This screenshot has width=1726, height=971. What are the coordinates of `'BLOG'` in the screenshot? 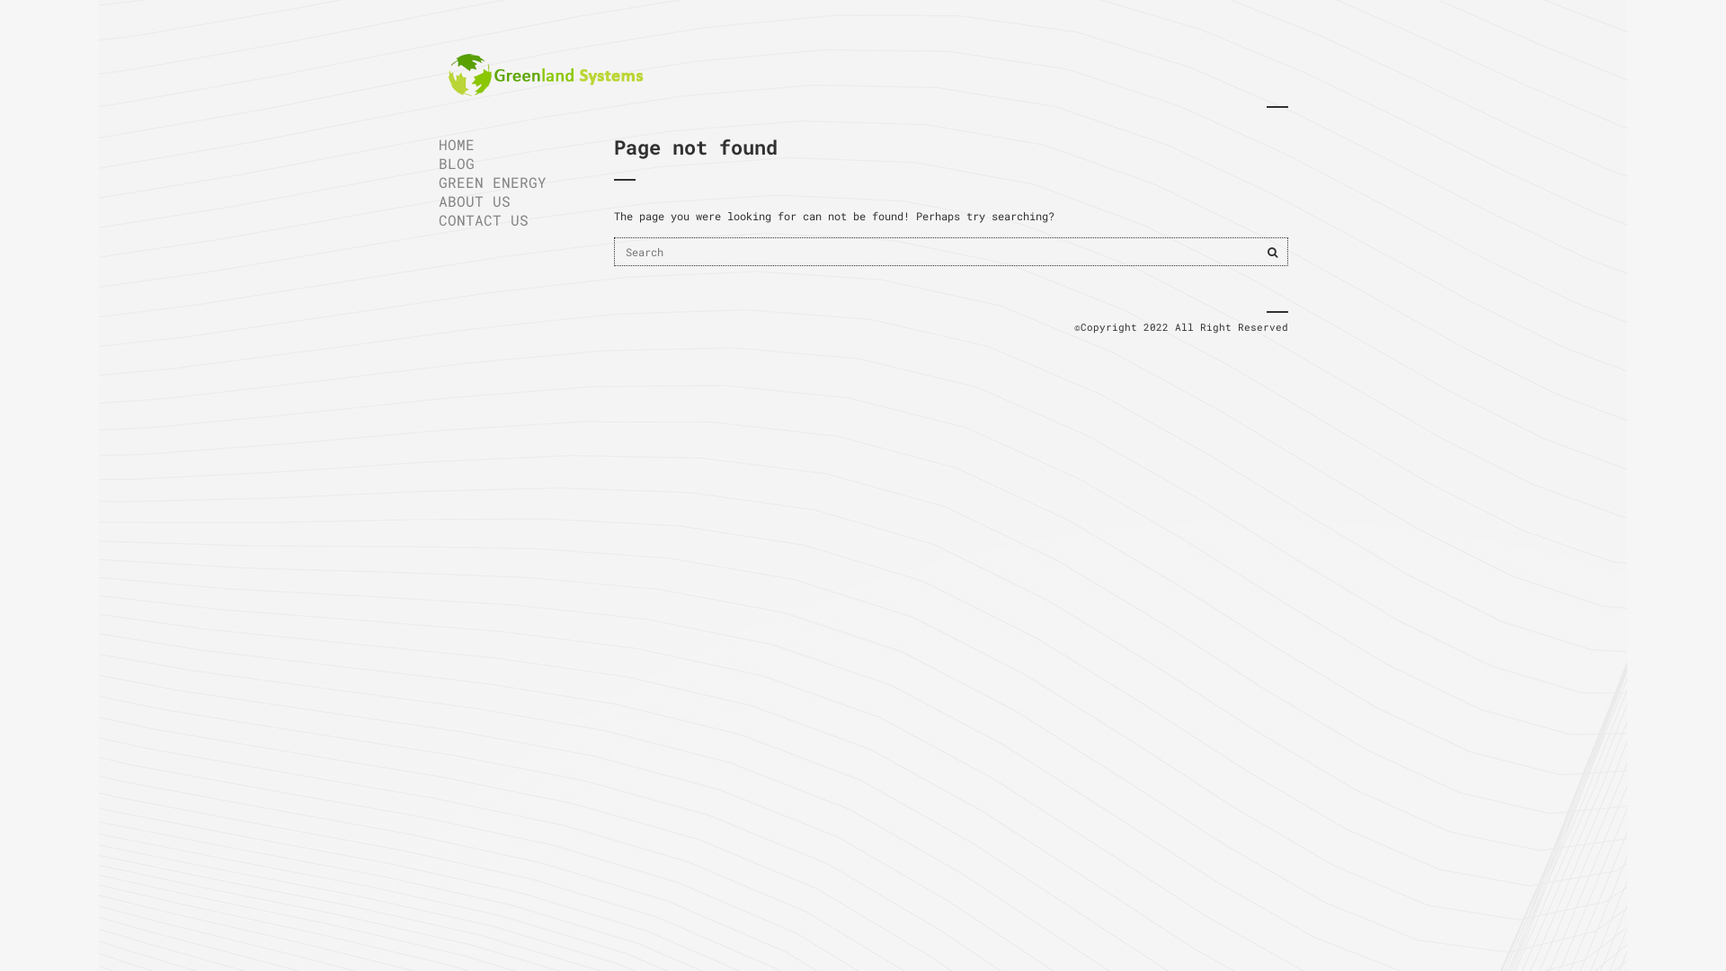 It's located at (439, 163).